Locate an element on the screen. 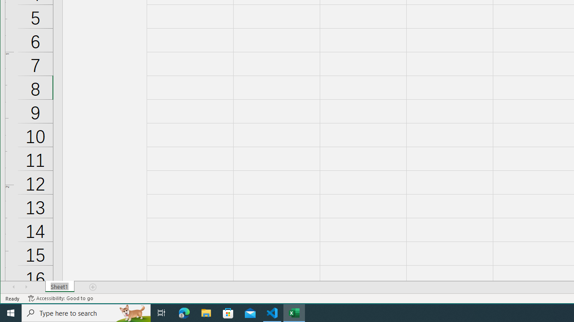  'Add Sheet' is located at coordinates (93, 287).